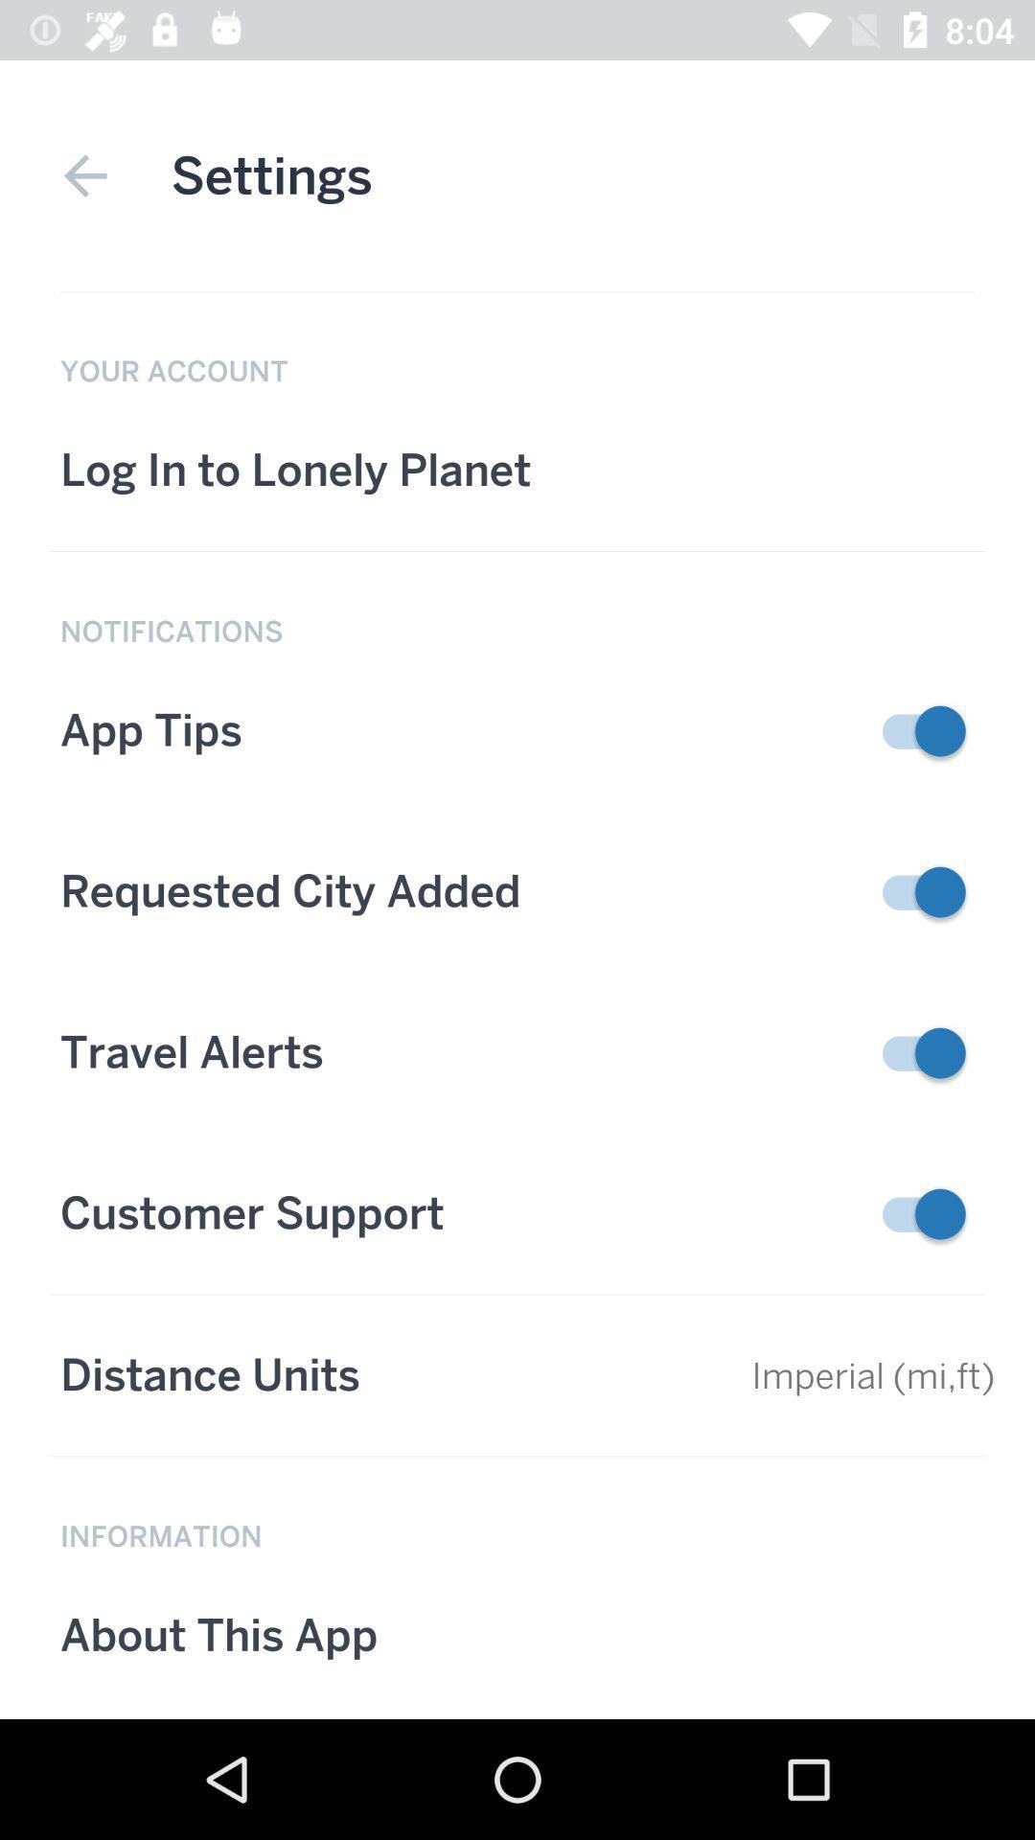 The height and width of the screenshot is (1840, 1035). What do you see at coordinates (517, 730) in the screenshot?
I see `the tab below text notification` at bounding box center [517, 730].